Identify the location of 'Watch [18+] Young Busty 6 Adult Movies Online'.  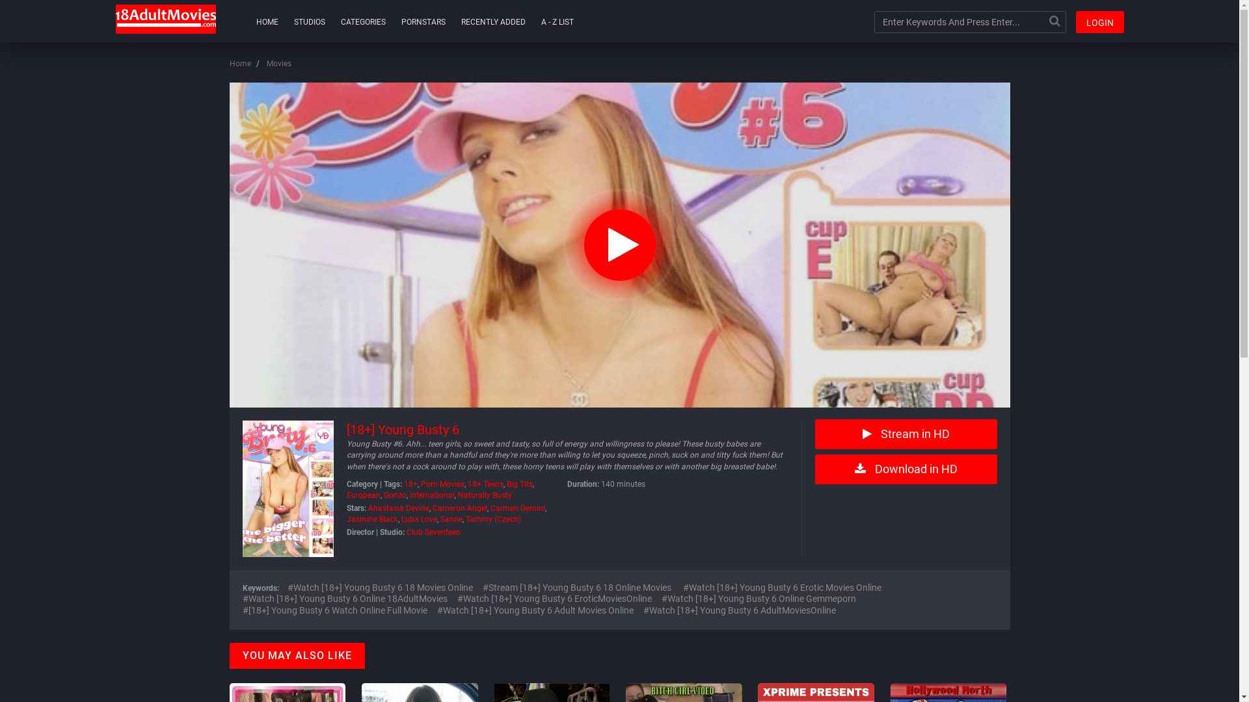
(535, 611).